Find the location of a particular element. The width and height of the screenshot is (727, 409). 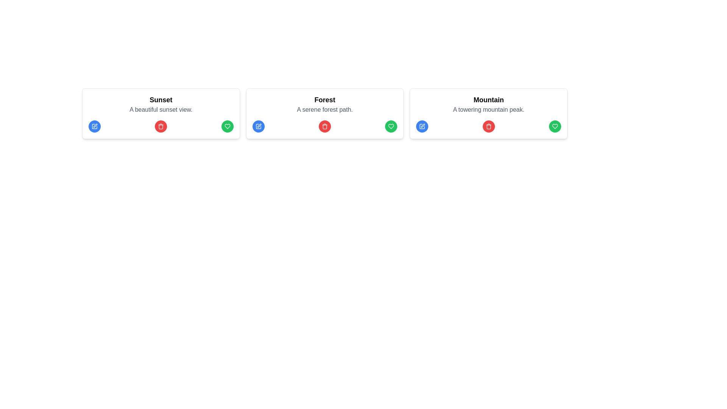

the bold text label displaying 'Sunset' located at the top of the first card in a row of three cards is located at coordinates (161, 99).